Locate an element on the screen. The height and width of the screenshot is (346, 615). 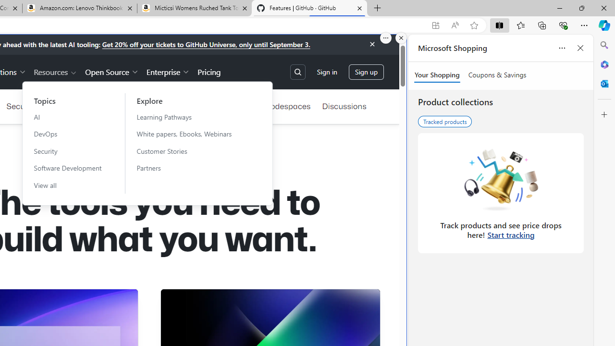
'Codespaces' is located at coordinates (287, 106).